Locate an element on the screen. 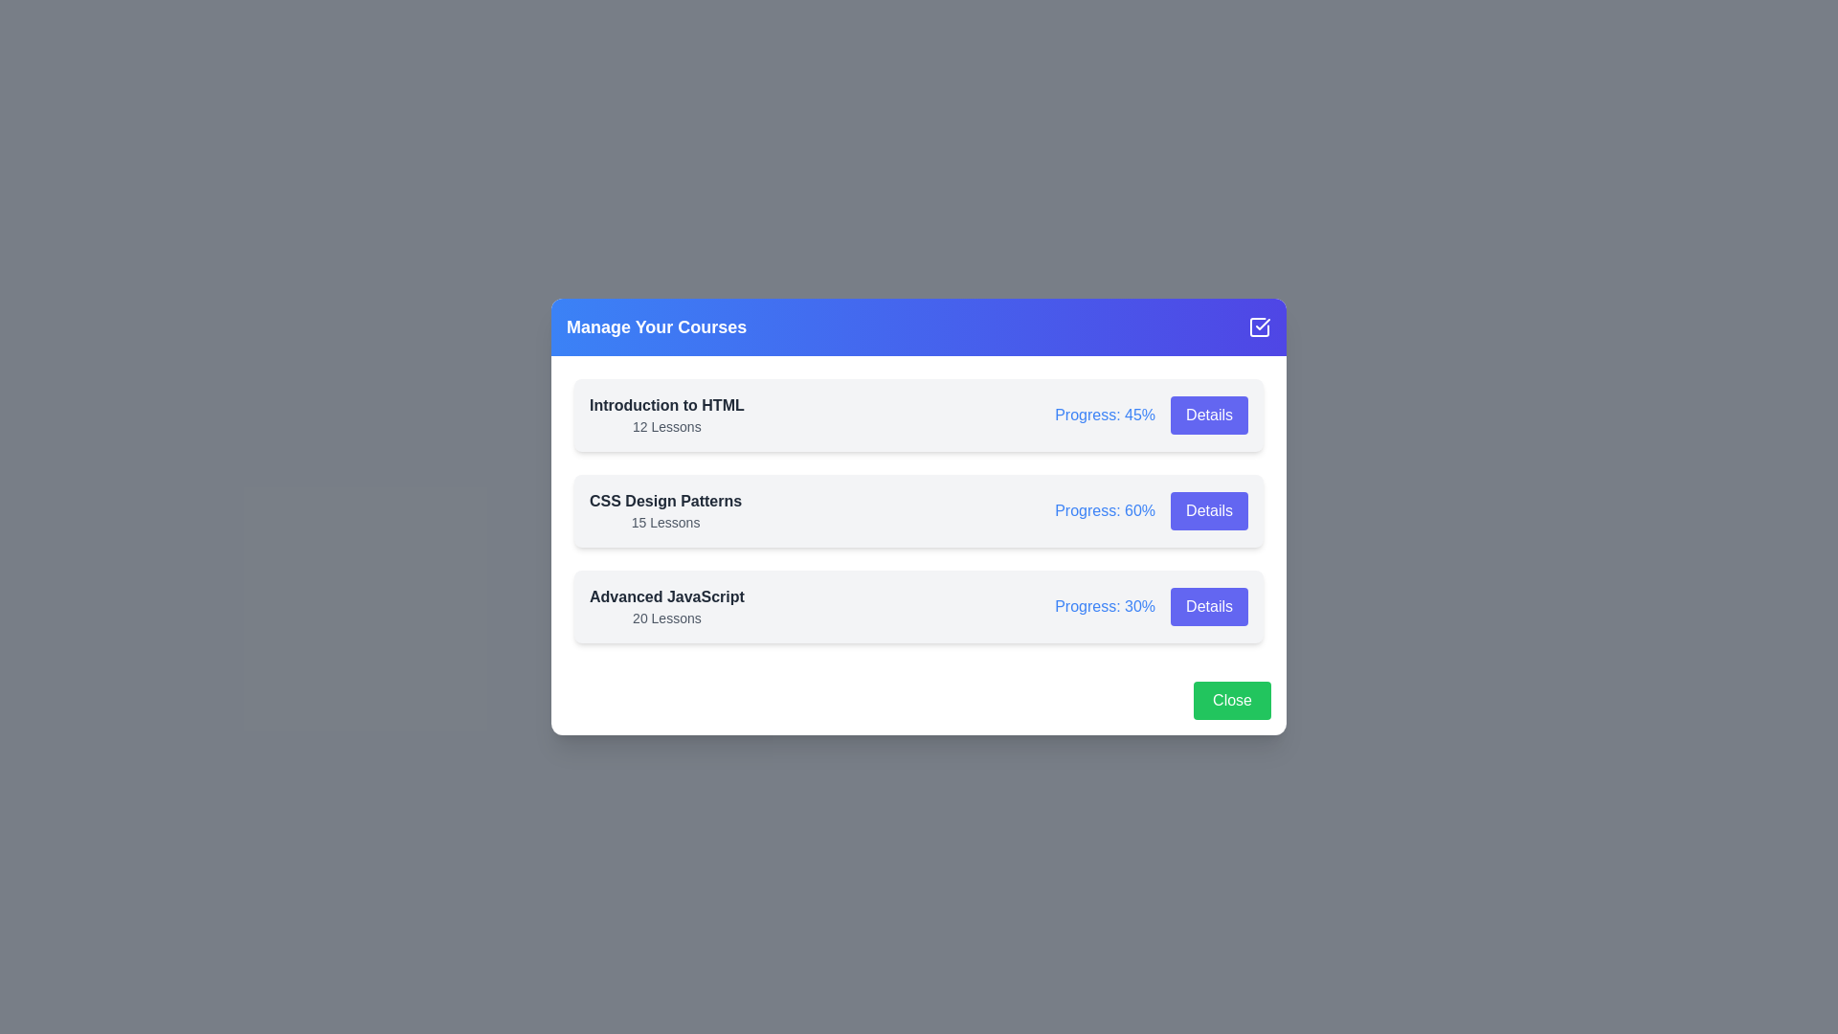  the header close button to close the dialog is located at coordinates (1259, 326).